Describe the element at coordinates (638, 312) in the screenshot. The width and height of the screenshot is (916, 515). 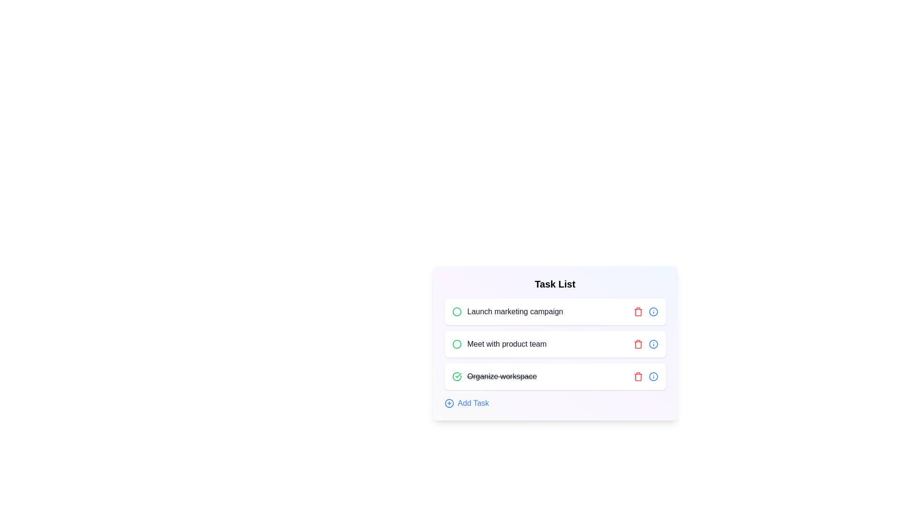
I see `the delete button of the task 'Launch marketing campaign'` at that location.